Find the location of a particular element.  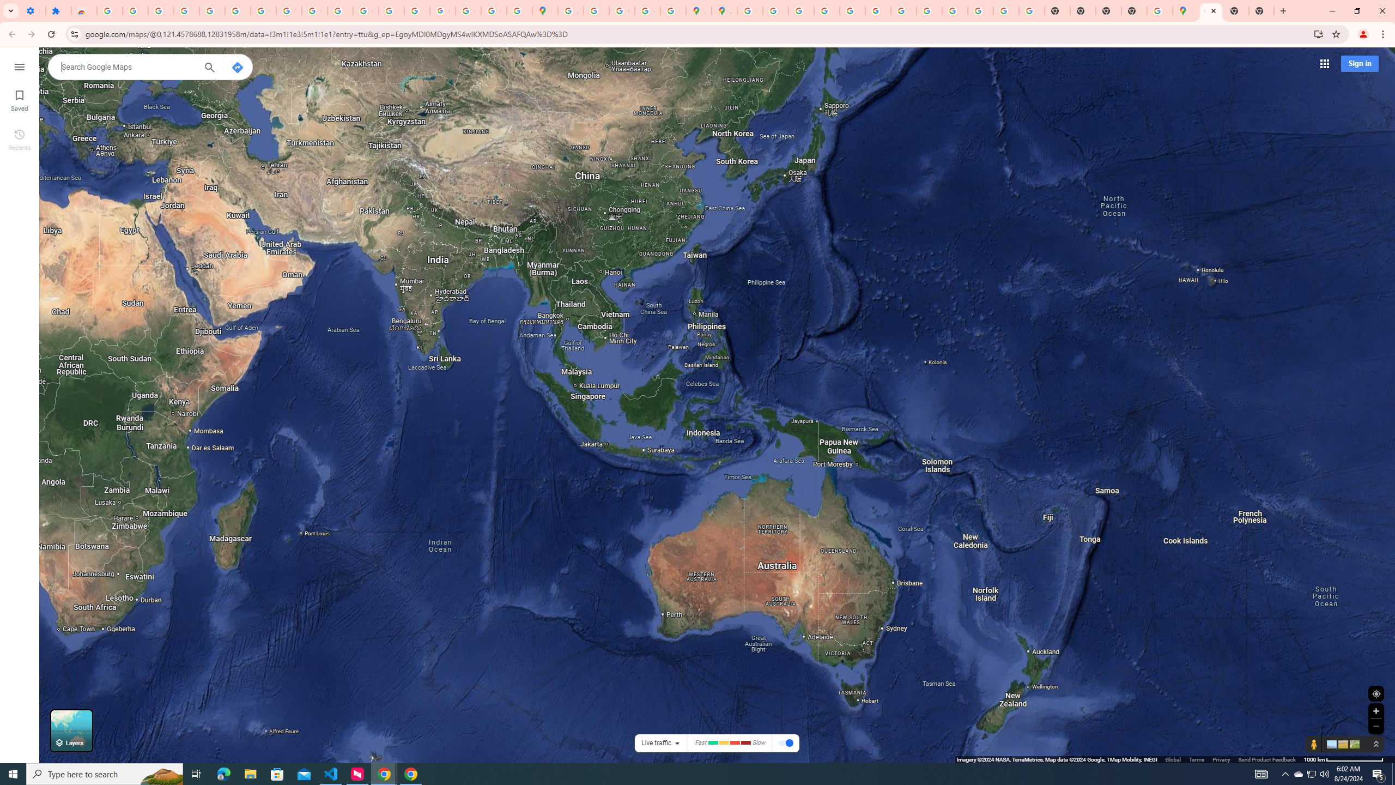

'Sign in - Google Accounts' is located at coordinates (108, 10).